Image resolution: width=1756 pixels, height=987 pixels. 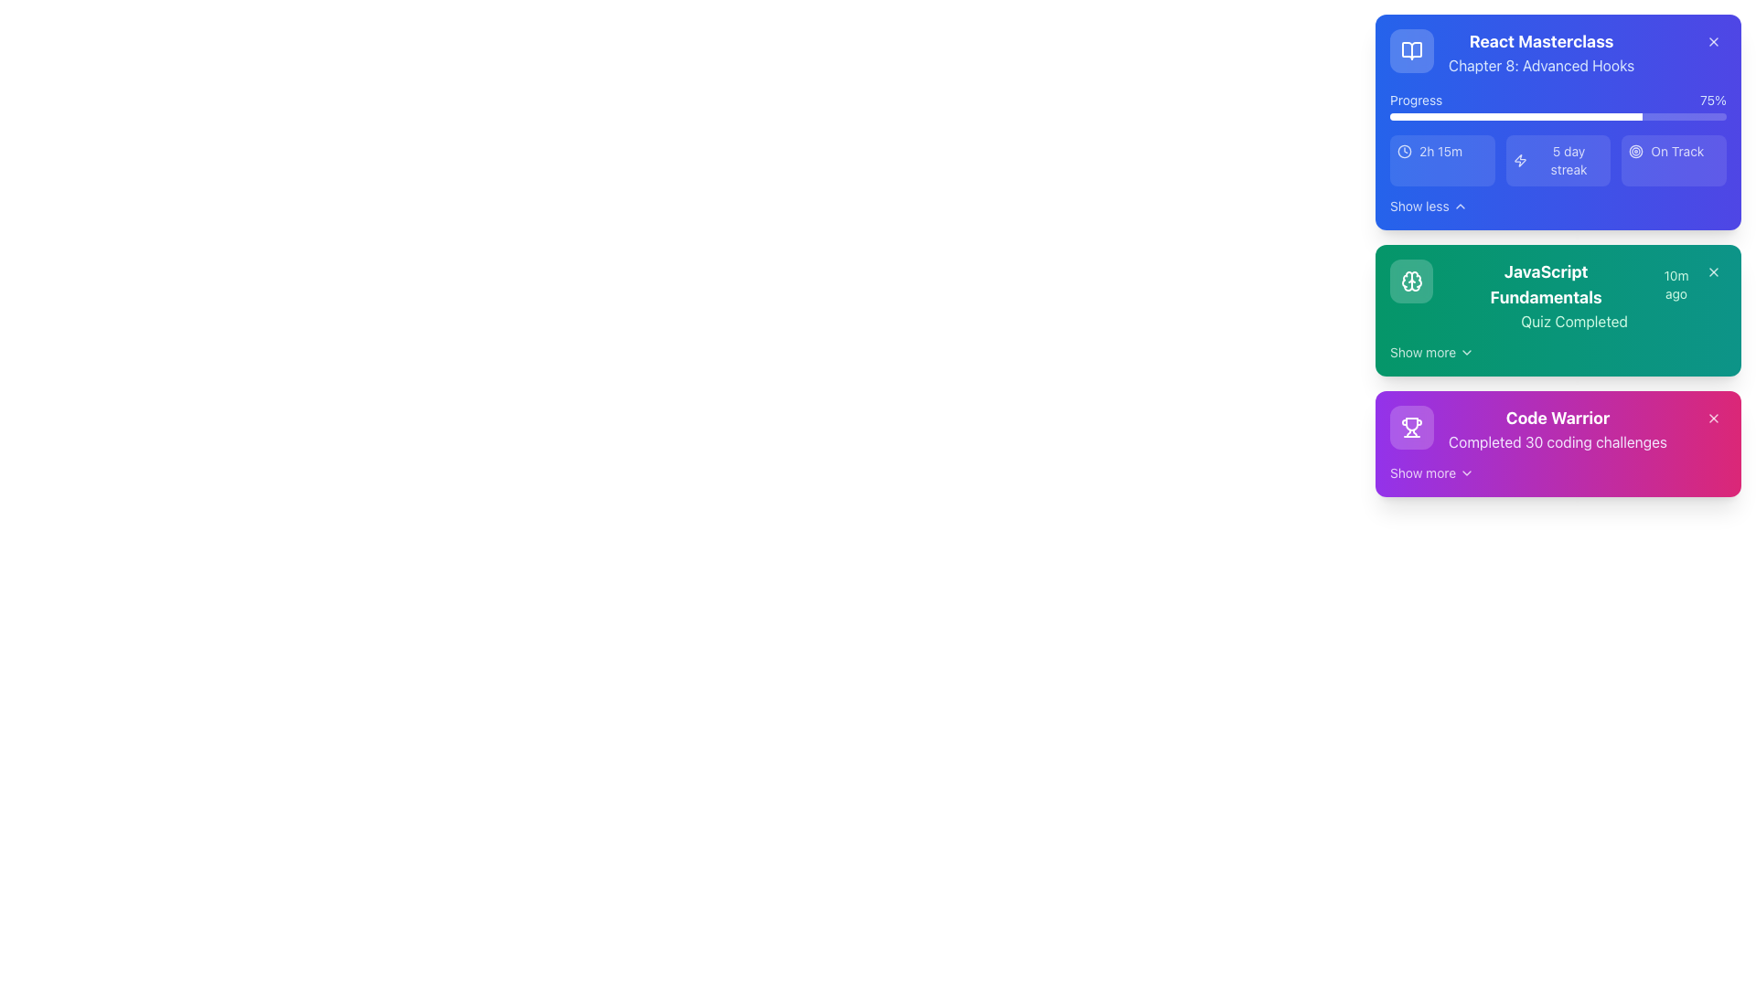 I want to click on information displayed on the green Notification panel for 'JavaScript Fundamentals' which shows the header in bold white text, subtext 'Quiz Completed', and '10m ago' aligned to the right, so click(x=1558, y=256).